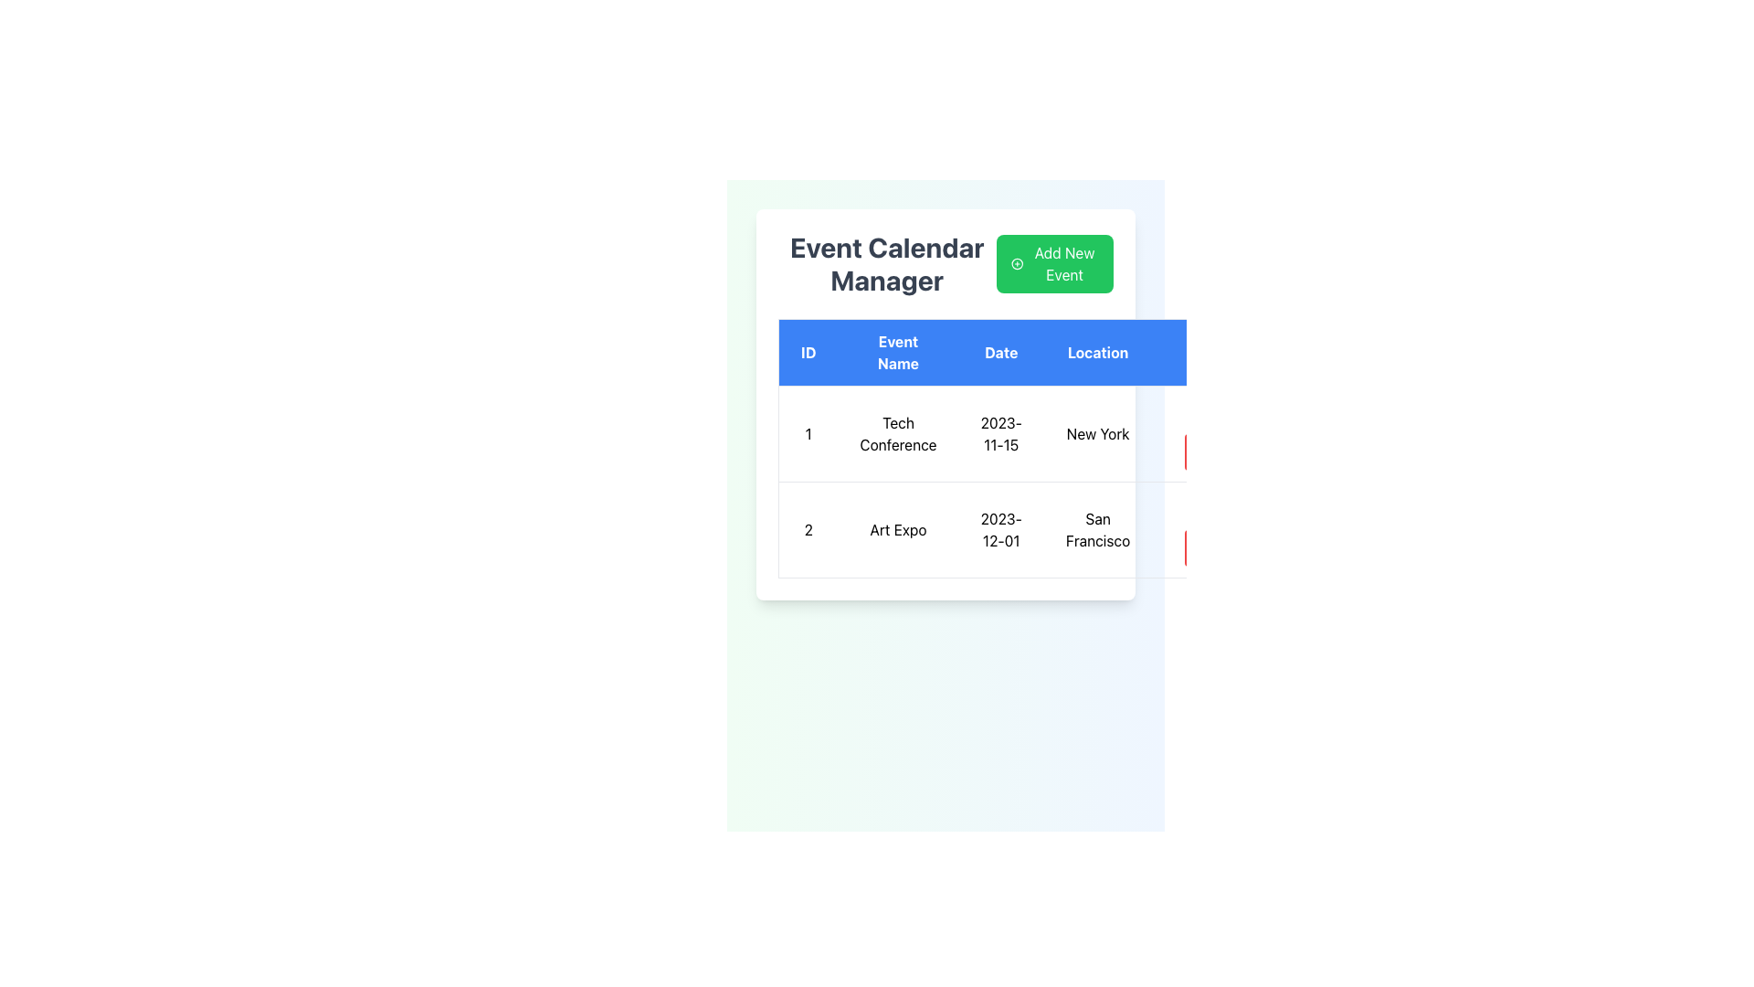 Image resolution: width=1754 pixels, height=987 pixels. Describe the element at coordinates (1000, 433) in the screenshot. I see `the static text element displaying the event date located in the third column of the first row of the table under the 'Event Calendar Manager' header` at that location.